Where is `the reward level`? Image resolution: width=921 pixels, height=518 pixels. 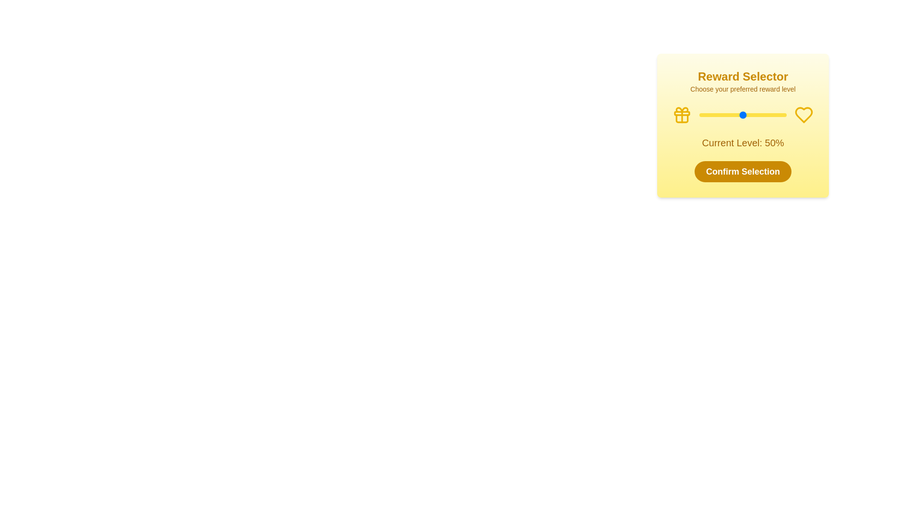 the reward level is located at coordinates (736, 114).